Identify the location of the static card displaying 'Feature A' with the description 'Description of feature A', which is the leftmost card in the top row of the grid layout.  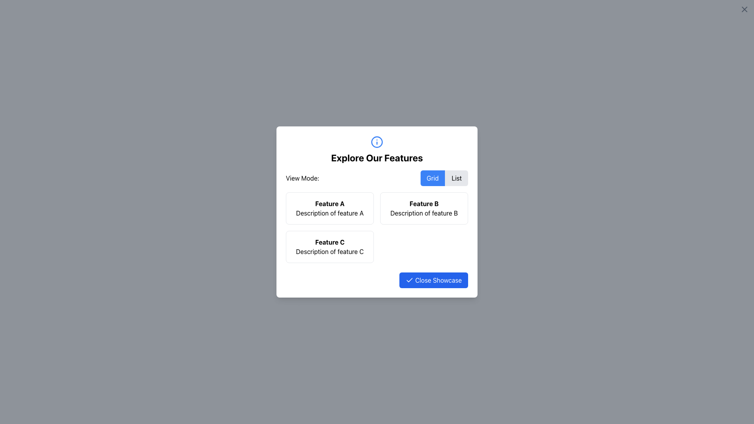
(330, 208).